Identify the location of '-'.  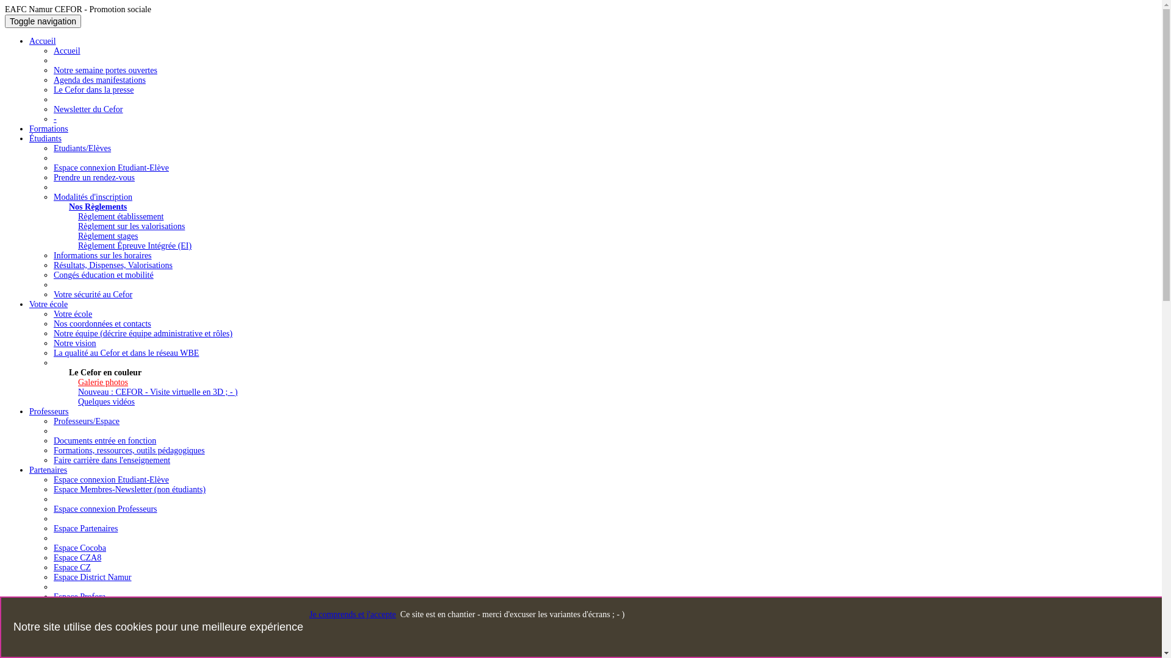
(54, 119).